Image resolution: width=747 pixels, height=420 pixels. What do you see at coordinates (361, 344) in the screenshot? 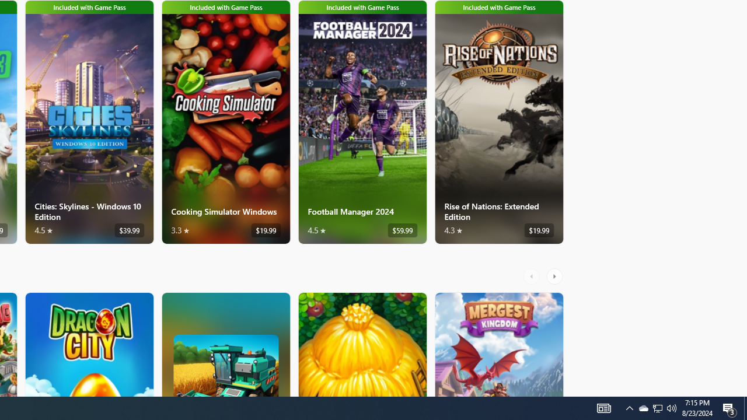
I see `'The Tribez. Average rating of 4.6 out of five stars. Free  '` at bounding box center [361, 344].